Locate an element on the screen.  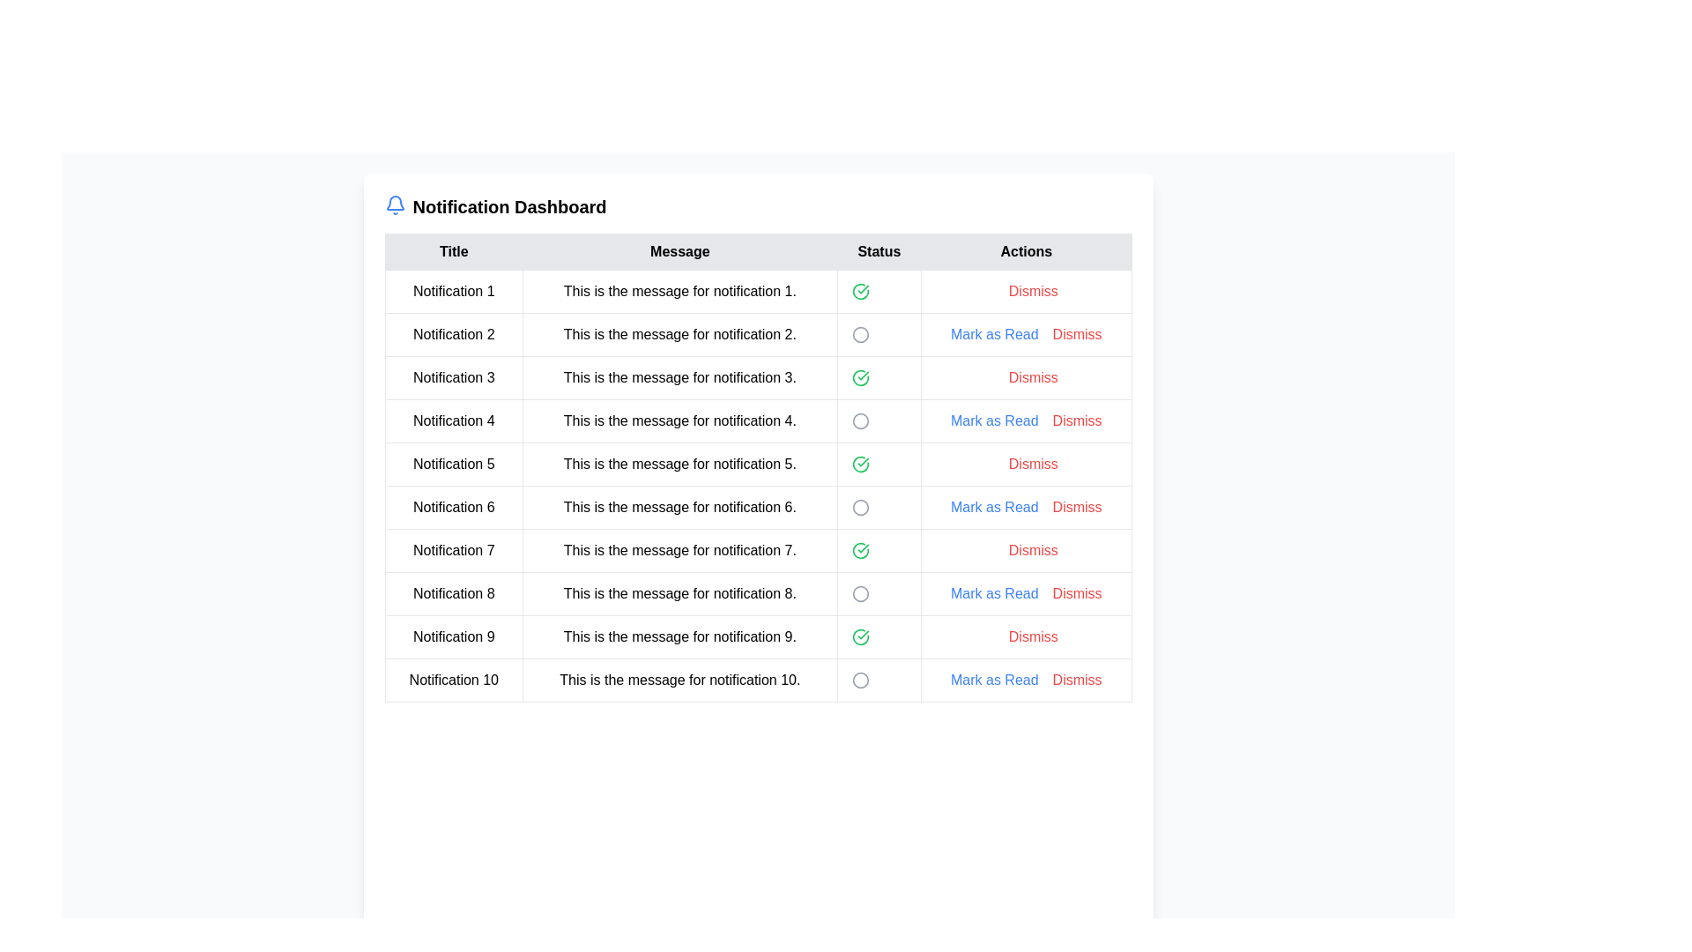
the notification entry in the 7th row of the notifications table, which displays details including the title and message of 'Notification 7' is located at coordinates (758, 549).